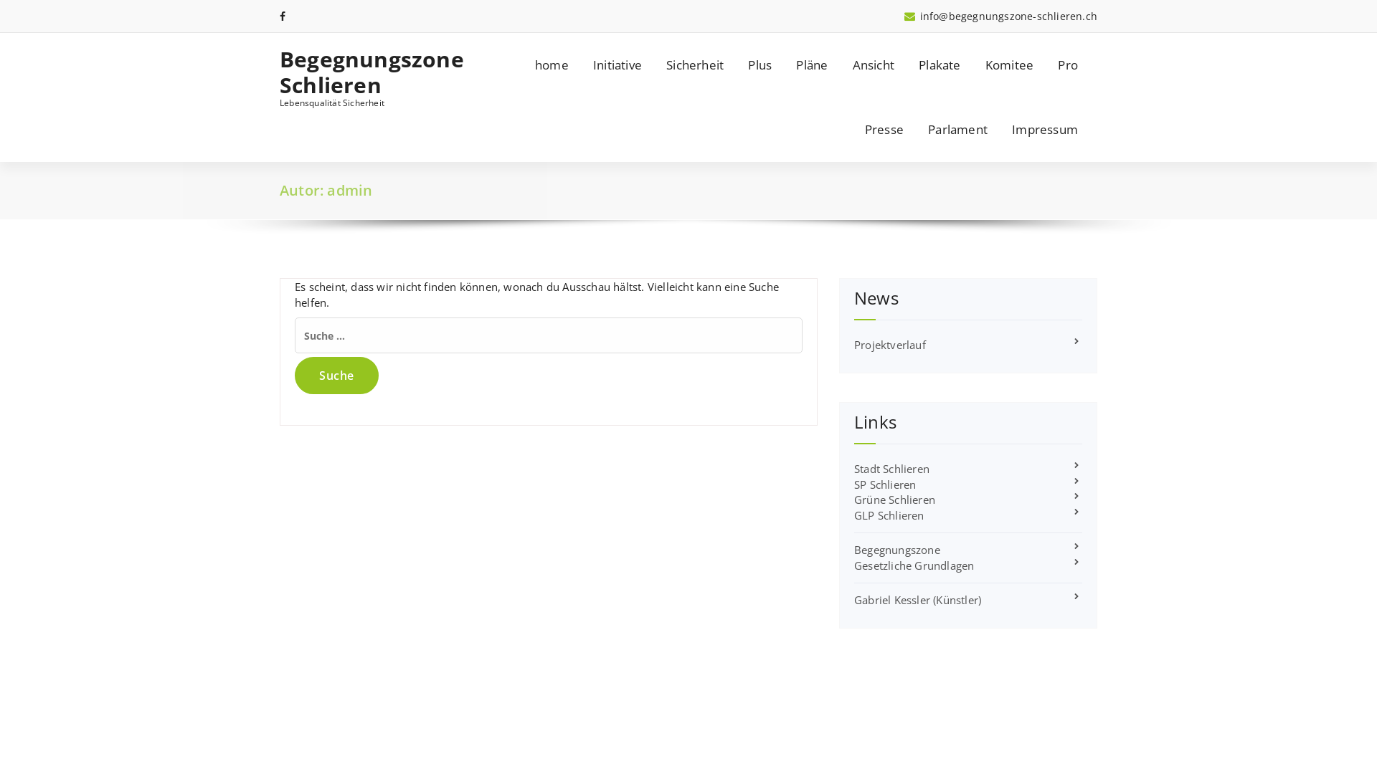 The width and height of the screenshot is (1377, 774). I want to click on 'Initiative', so click(617, 65).